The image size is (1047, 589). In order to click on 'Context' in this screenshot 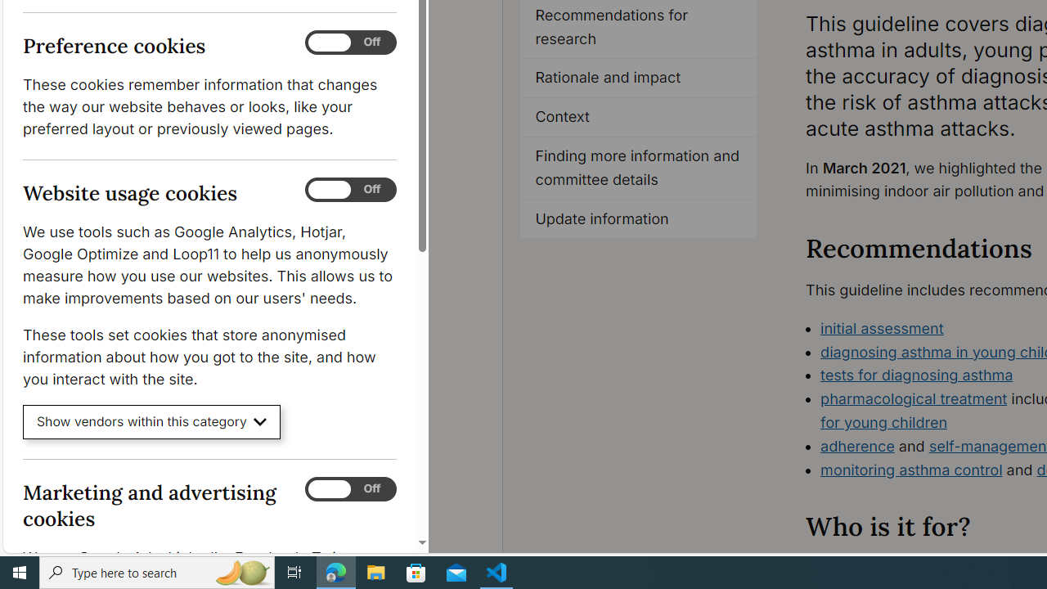, I will do `click(638, 117)`.